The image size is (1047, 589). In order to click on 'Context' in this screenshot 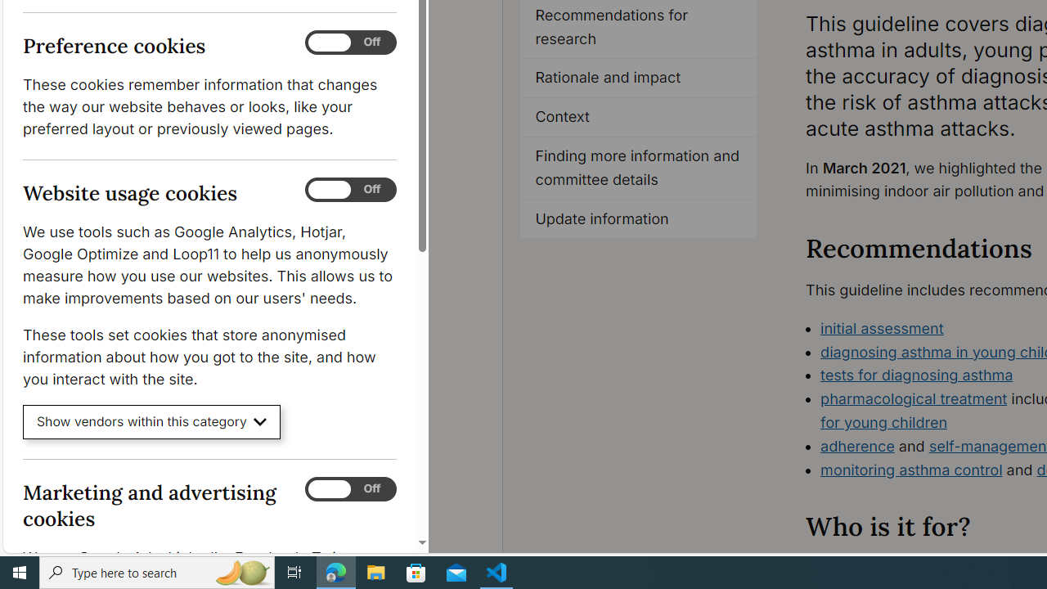, I will do `click(638, 117)`.